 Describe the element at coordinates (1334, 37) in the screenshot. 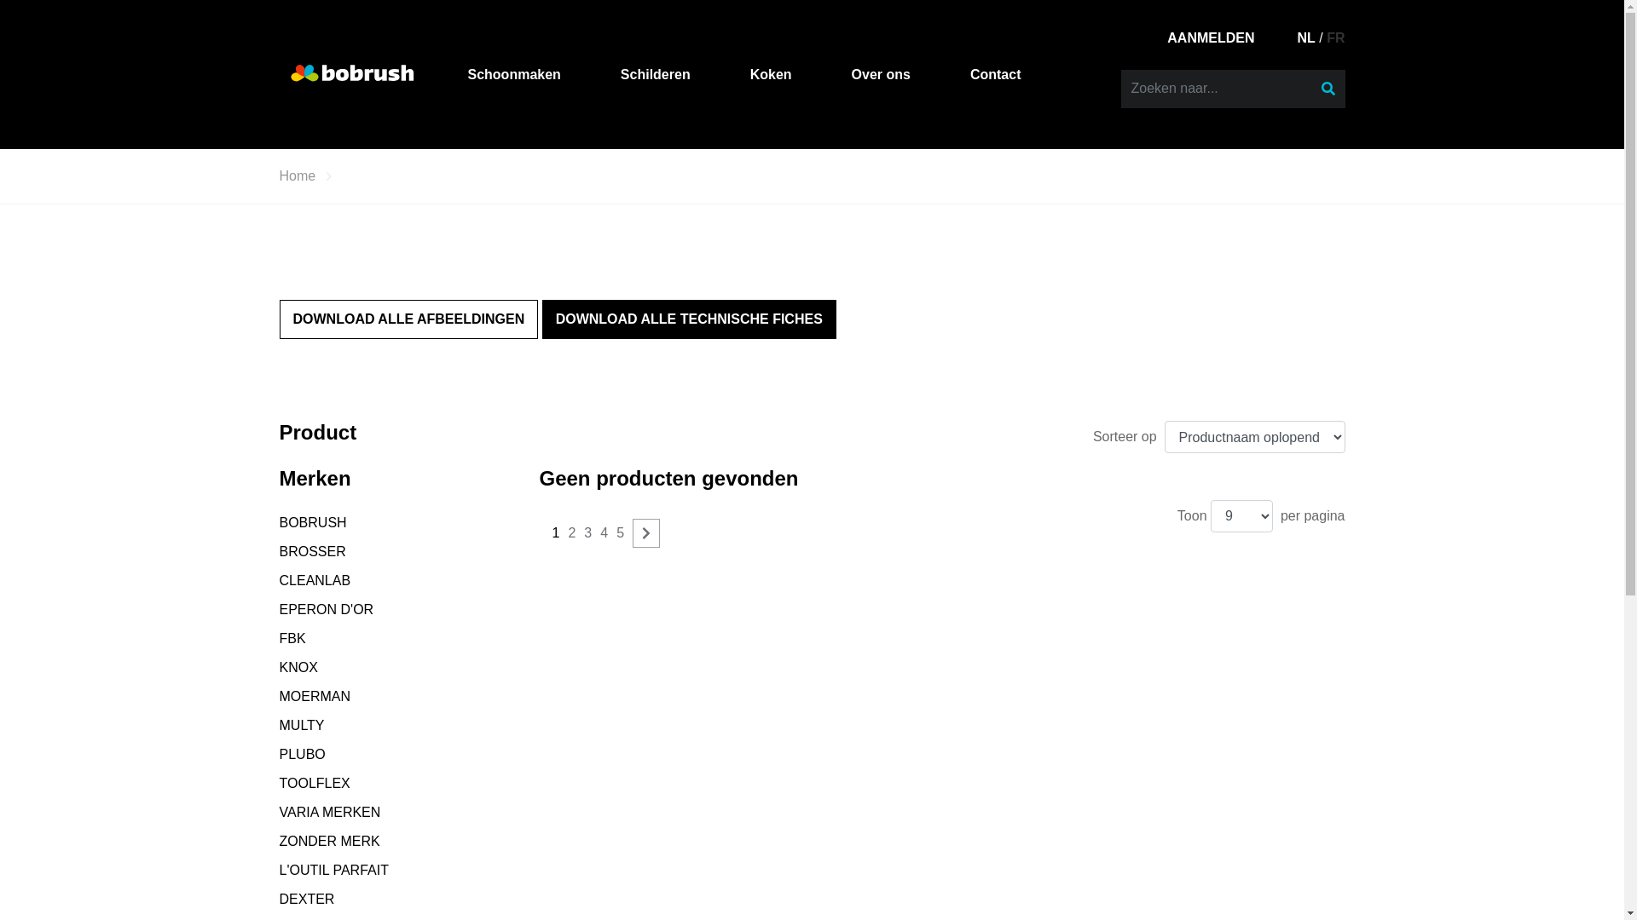

I see `'FR'` at that location.